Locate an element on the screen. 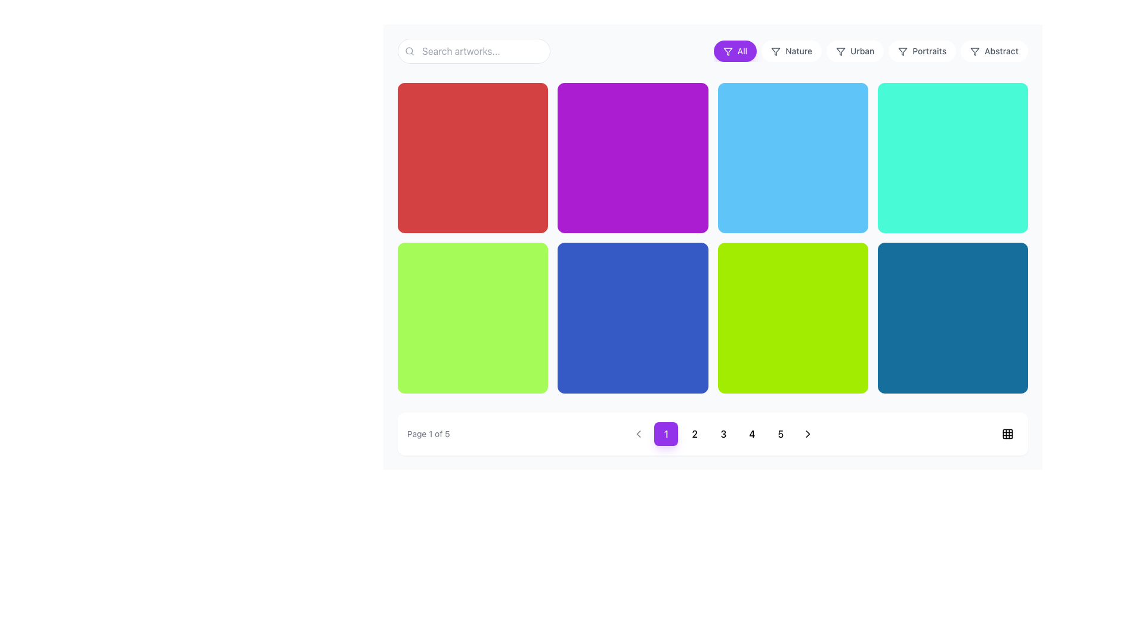 This screenshot has height=644, width=1145. the funnel-shaped icon in the header section is located at coordinates (727, 51).